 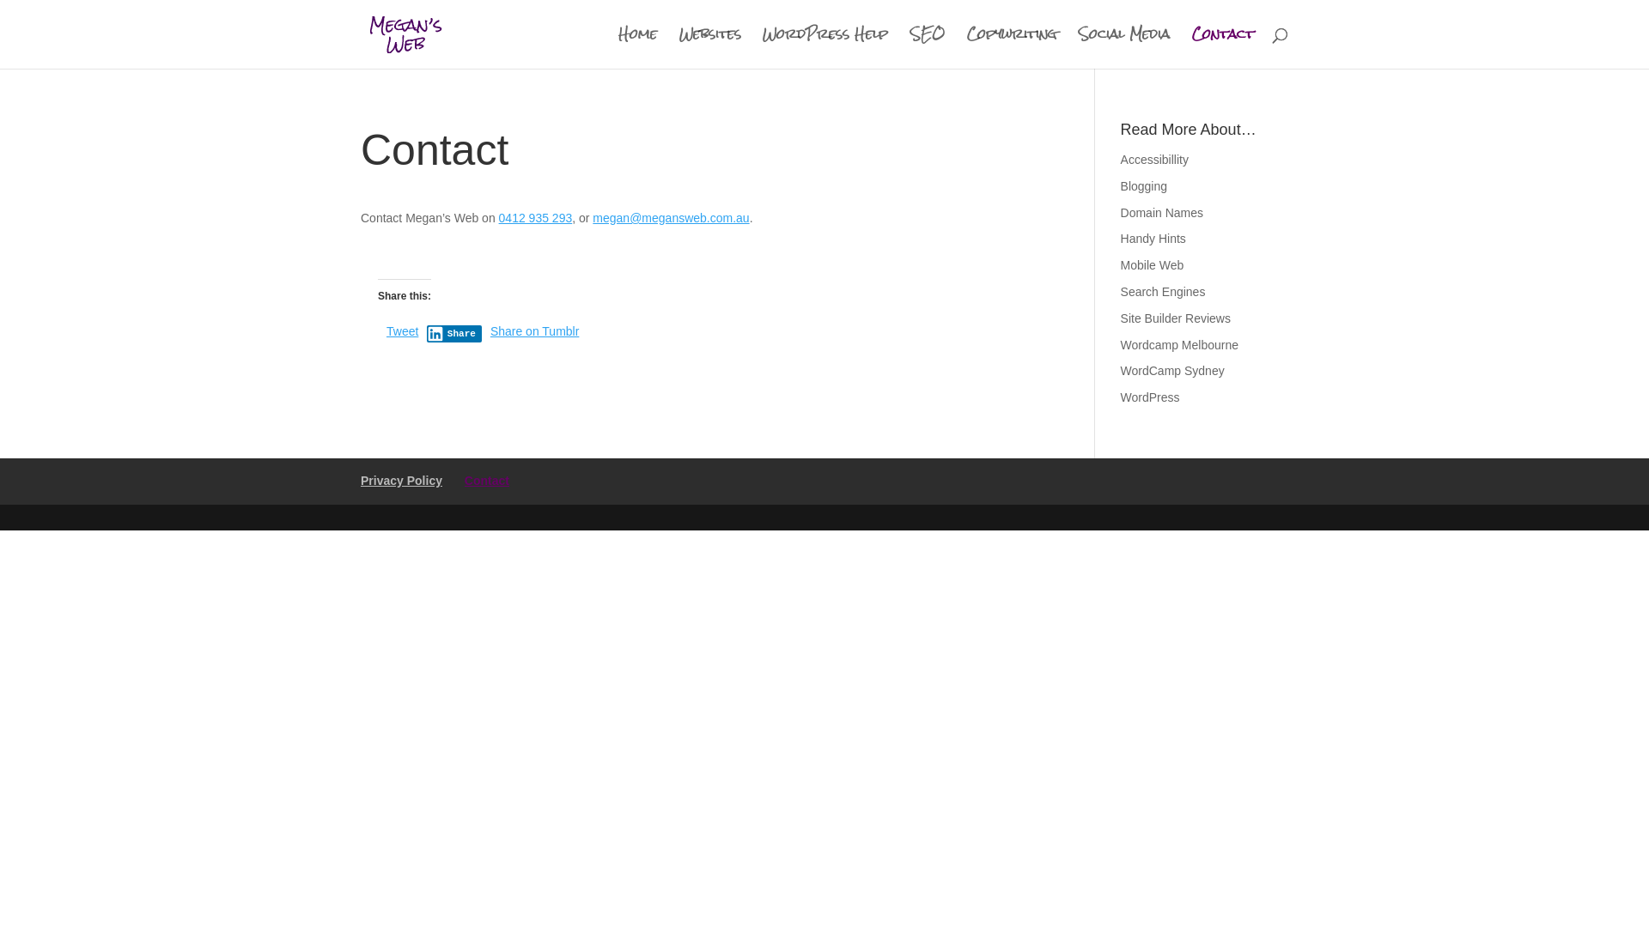 I want to click on 'WordCamp Sydney', so click(x=1171, y=370).